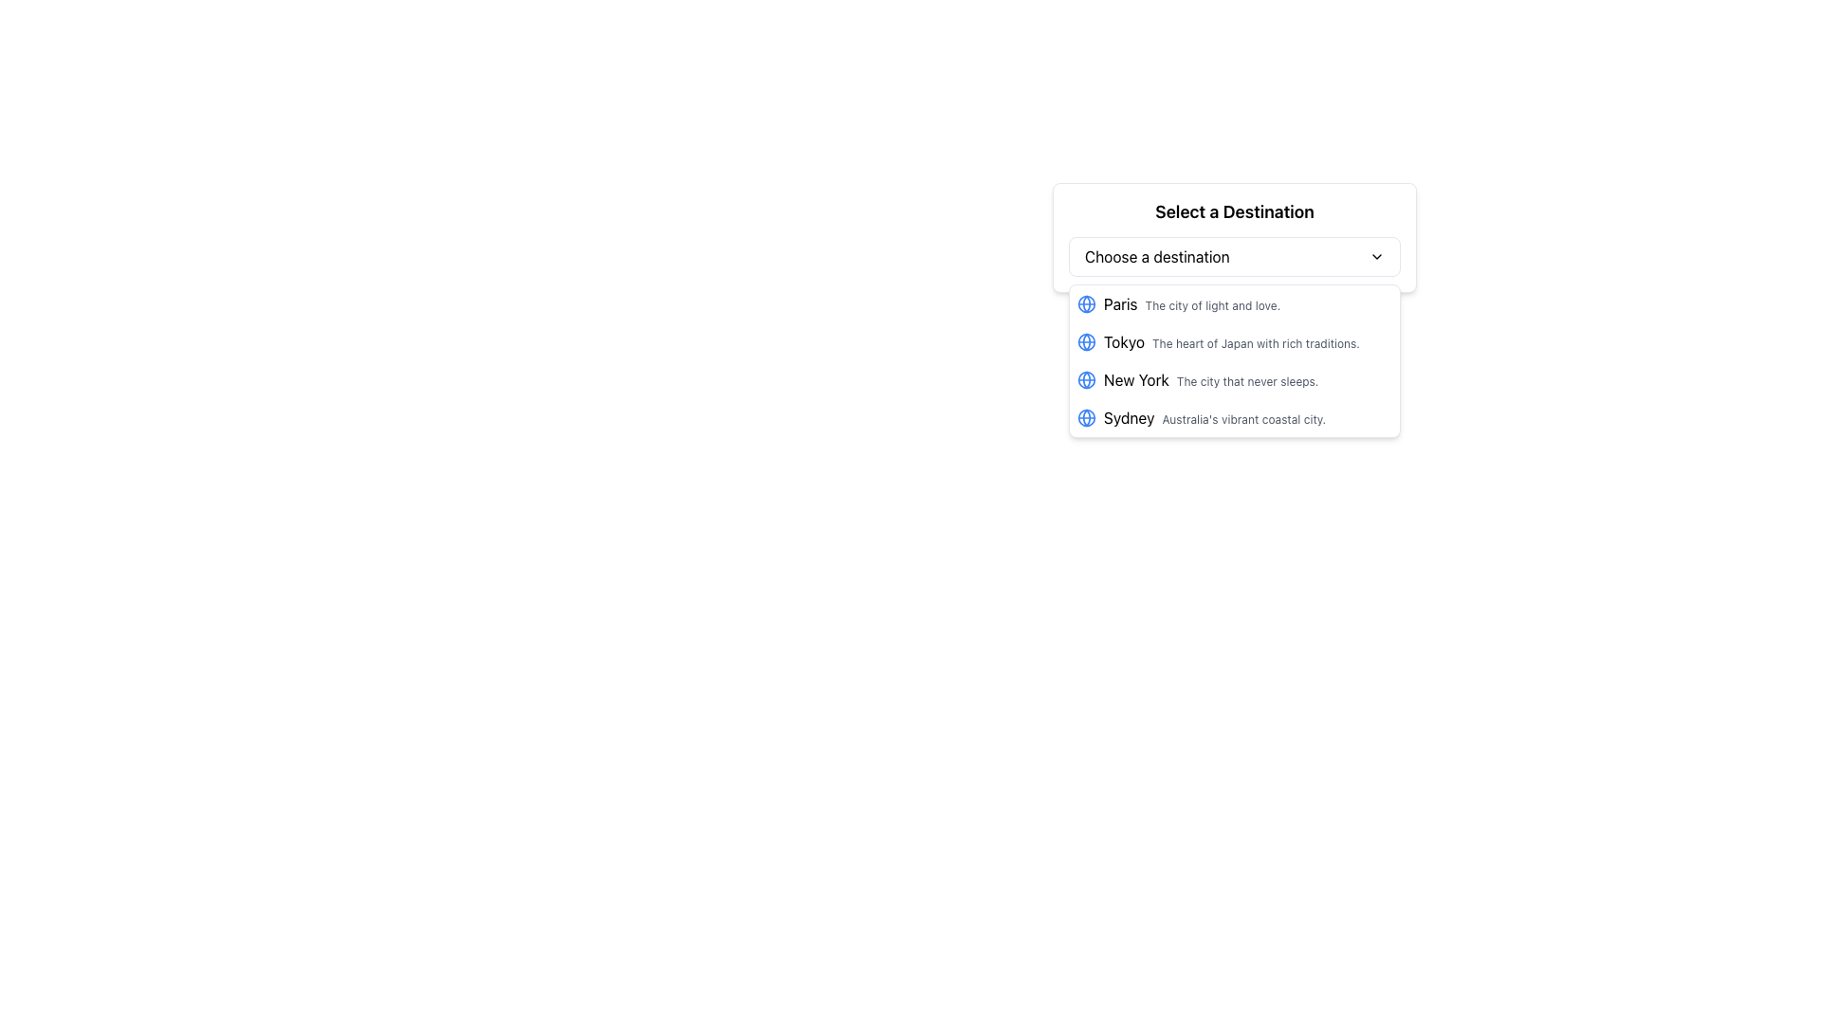  Describe the element at coordinates (1211, 304) in the screenshot. I see `the text element that reads 'The city of light and love.' which is styled in gray and located adjacent to the 'Paris' label in the dropdown list of destinations` at that location.